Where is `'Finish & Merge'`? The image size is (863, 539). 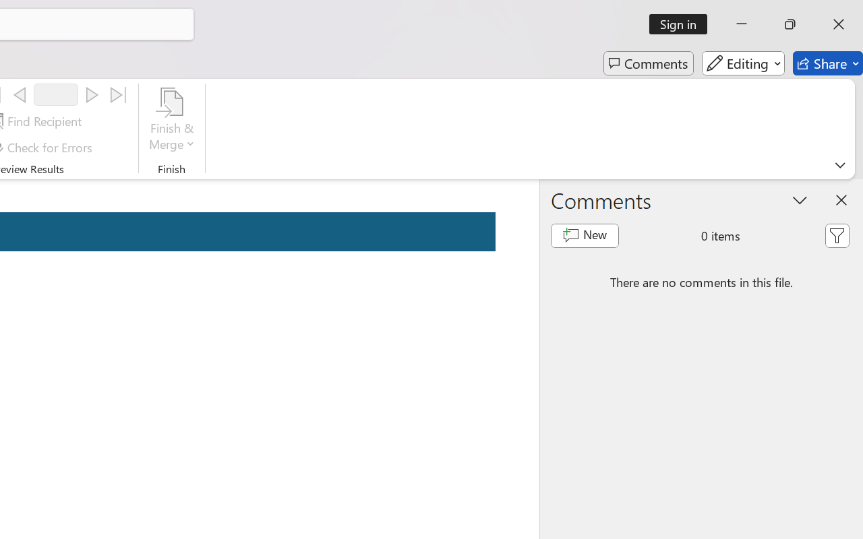 'Finish & Merge' is located at coordinates (171, 121).